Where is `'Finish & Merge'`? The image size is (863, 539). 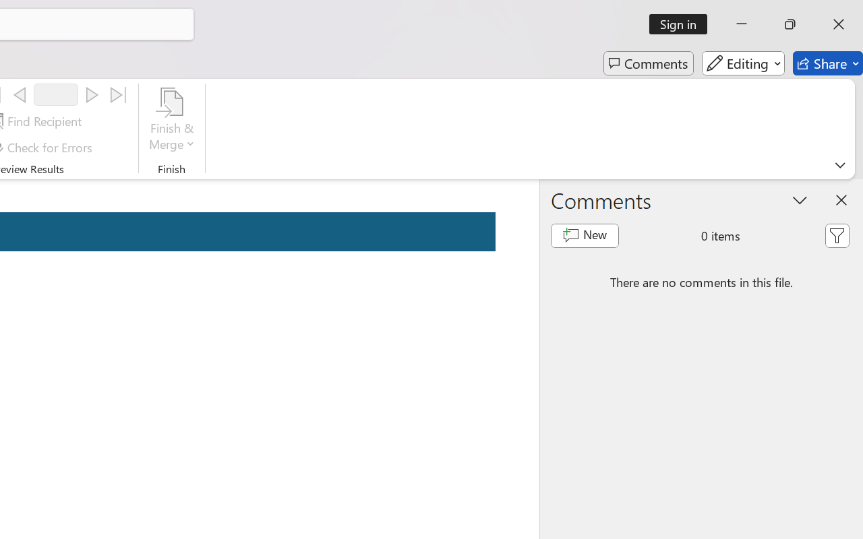 'Finish & Merge' is located at coordinates (171, 121).